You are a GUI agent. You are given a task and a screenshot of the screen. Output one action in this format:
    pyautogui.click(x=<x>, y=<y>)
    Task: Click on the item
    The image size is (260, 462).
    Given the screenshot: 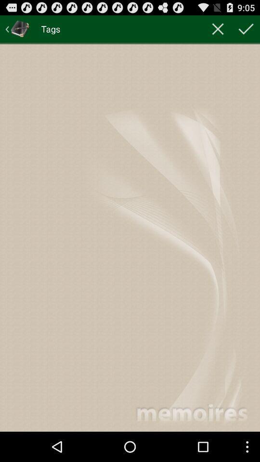 What is the action you would take?
    pyautogui.click(x=246, y=28)
    